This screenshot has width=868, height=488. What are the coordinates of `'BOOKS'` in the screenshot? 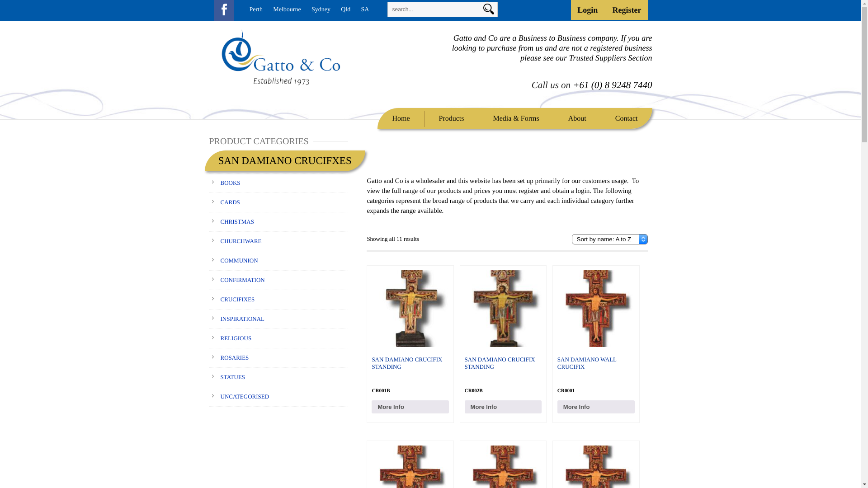 It's located at (230, 183).